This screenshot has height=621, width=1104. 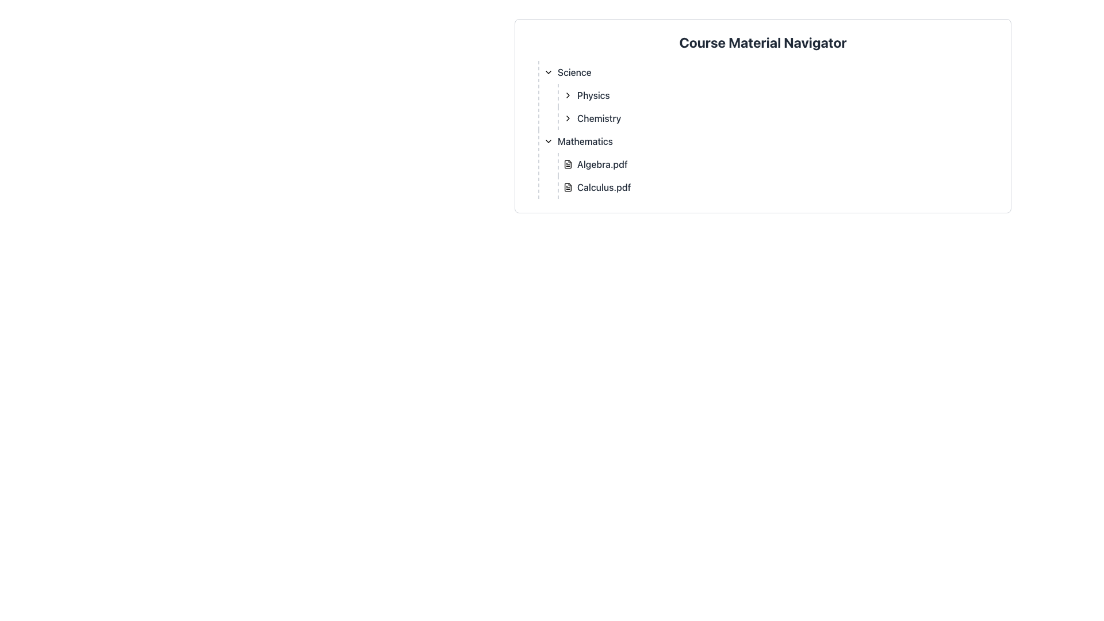 I want to click on the text label displaying 'Science' within the 'Course Material Navigator' section, so click(x=574, y=72).